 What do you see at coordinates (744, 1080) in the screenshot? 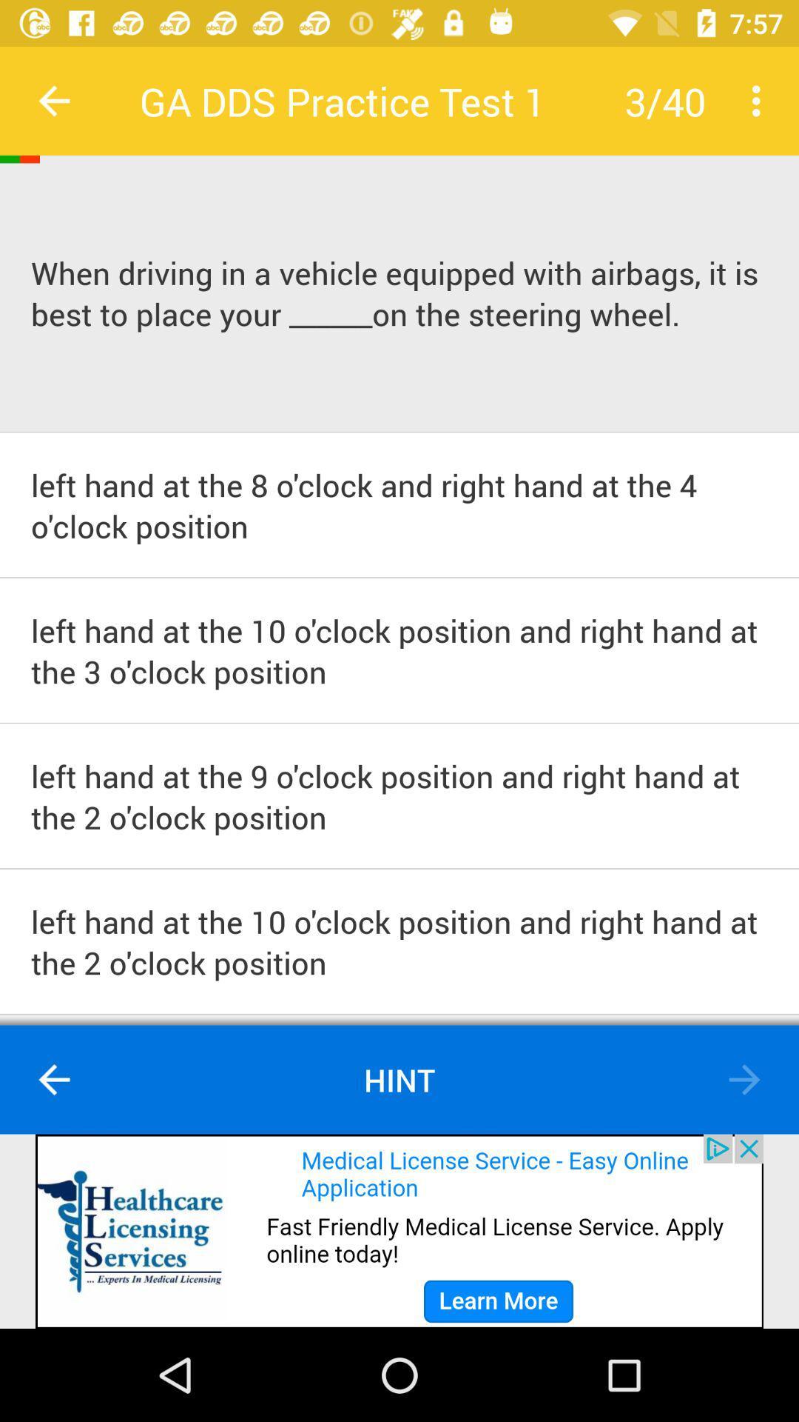
I see `previous` at bounding box center [744, 1080].